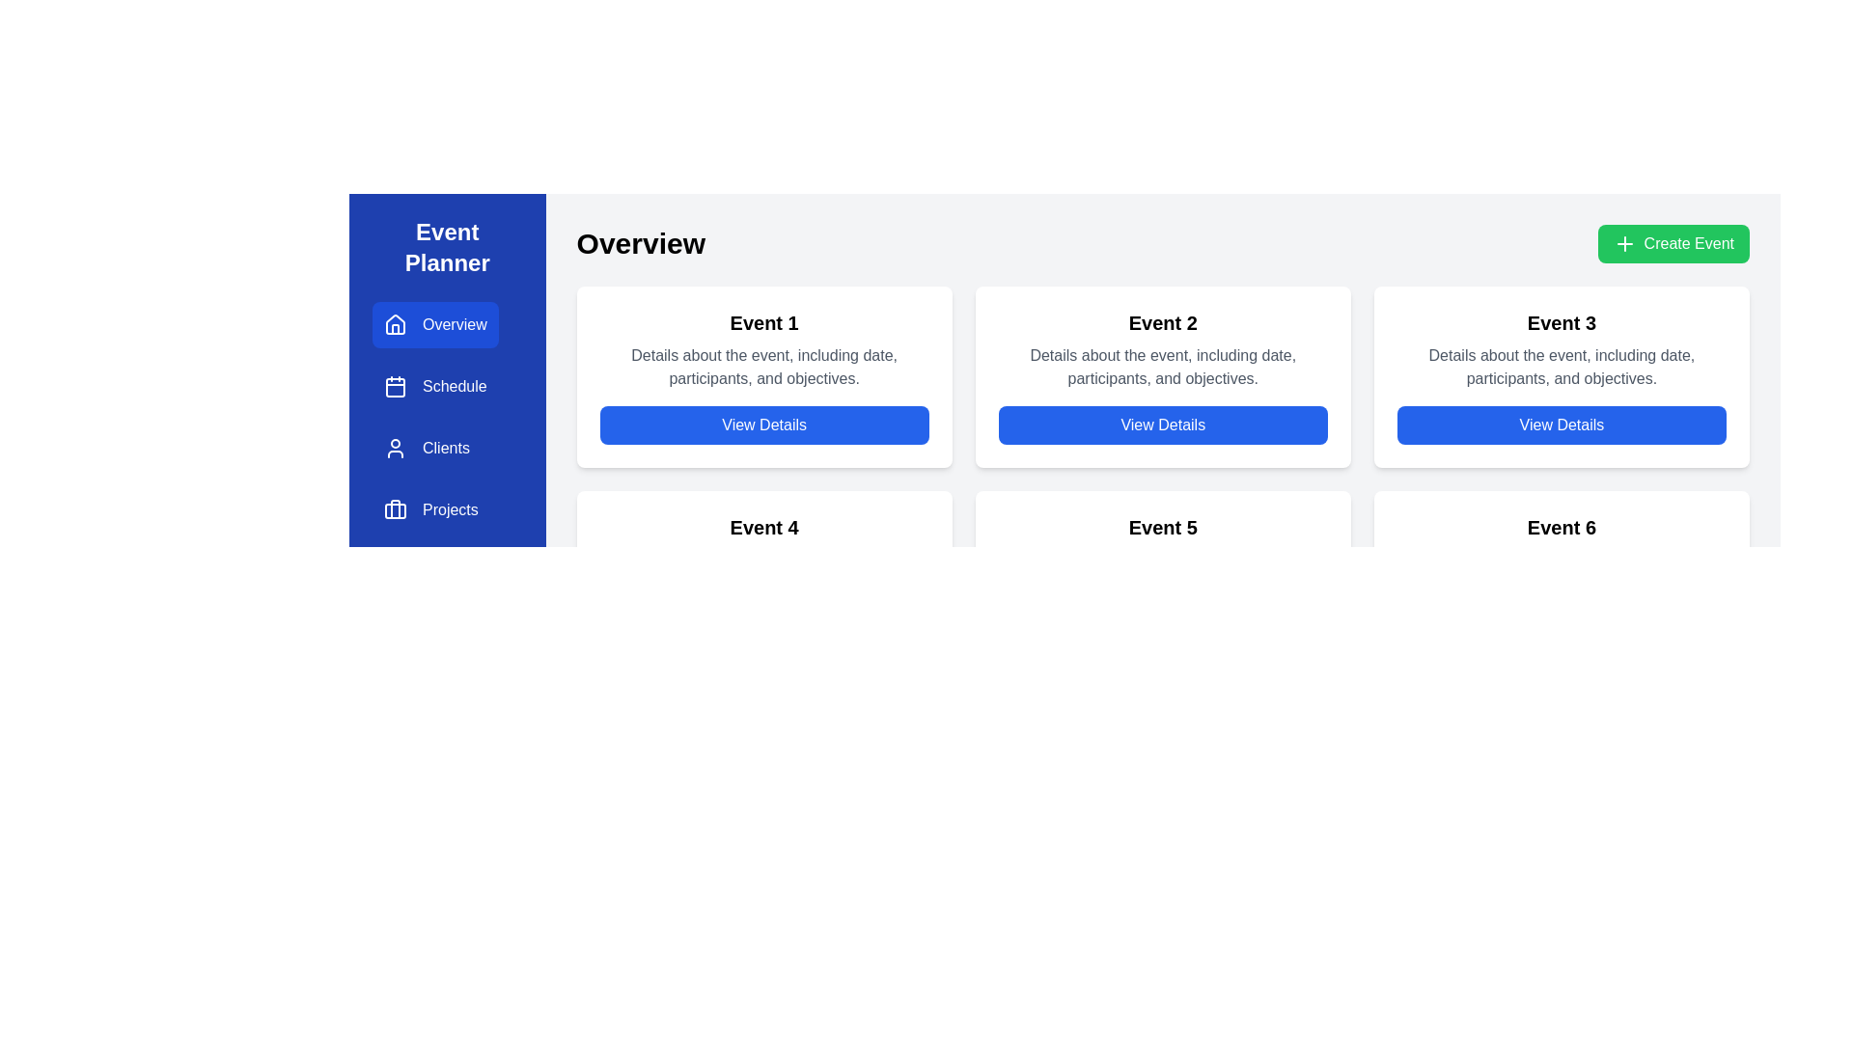 The width and height of the screenshot is (1853, 1042). Describe the element at coordinates (1162, 322) in the screenshot. I see `assistive technology` at that location.